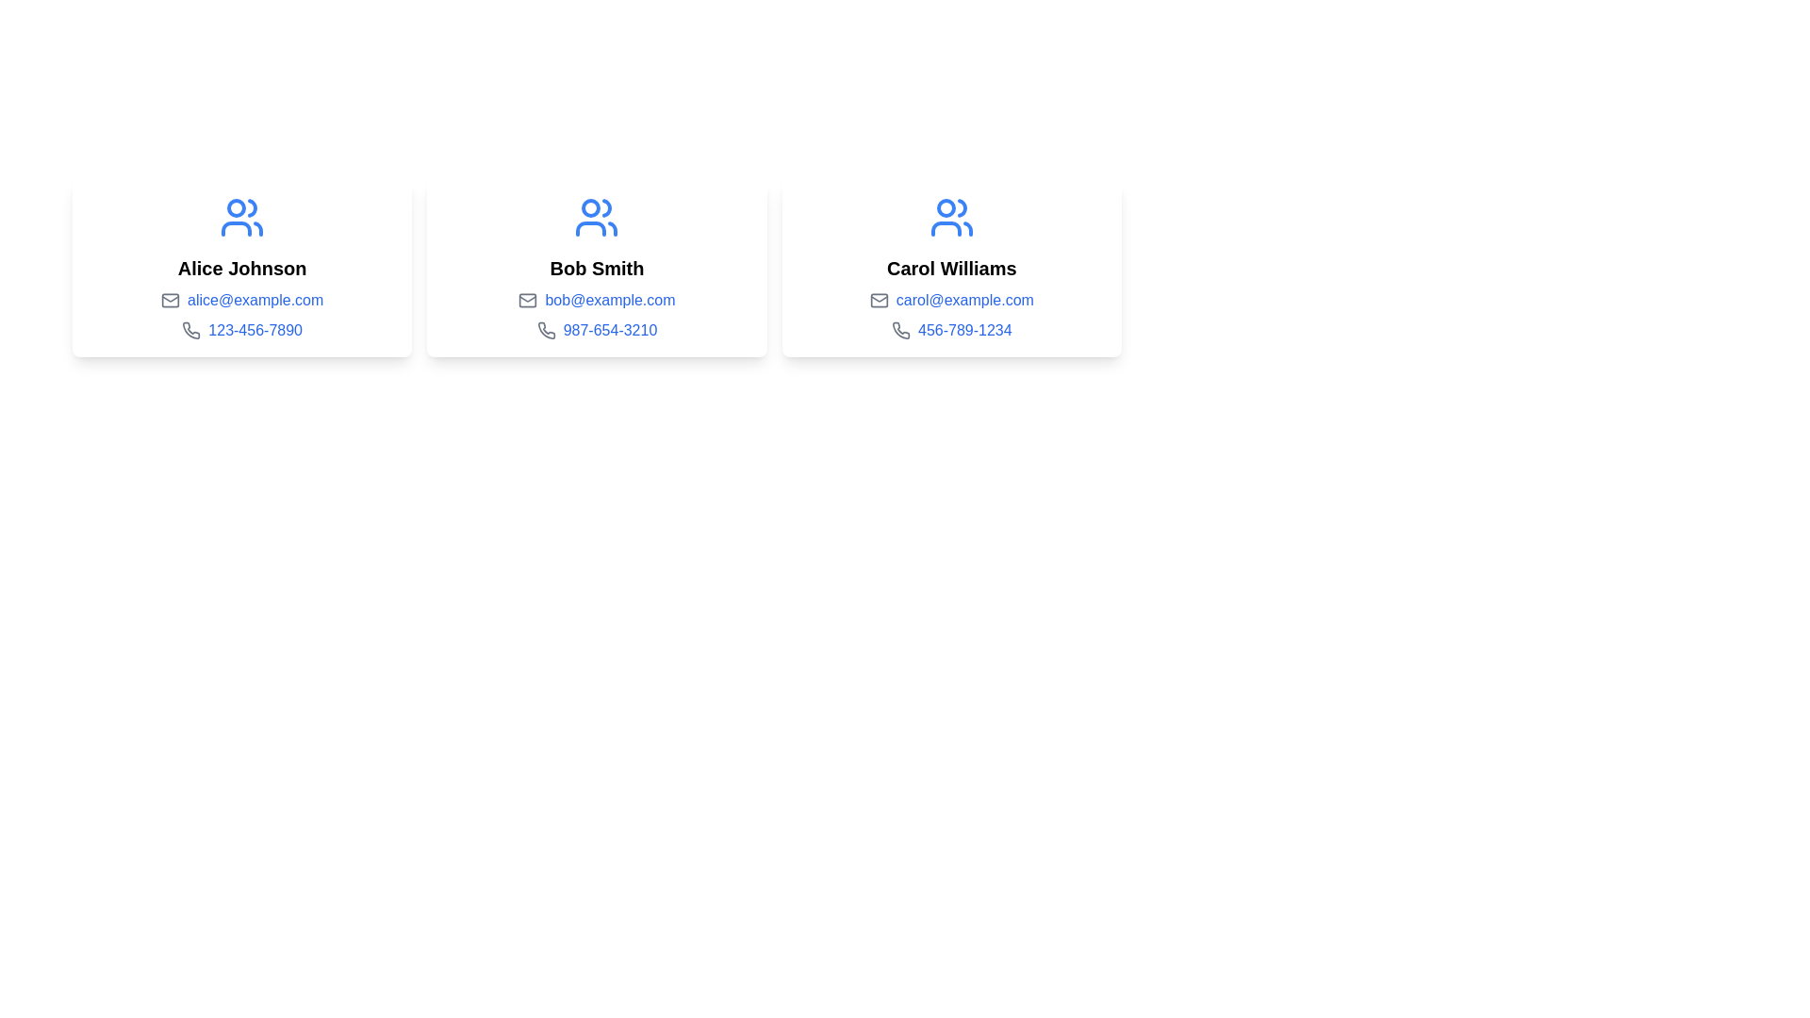 The width and height of the screenshot is (1810, 1018). What do you see at coordinates (964, 330) in the screenshot?
I see `the hyperlinked phone number '456-789-1234' in blue text under the 'Carol Williams' card` at bounding box center [964, 330].